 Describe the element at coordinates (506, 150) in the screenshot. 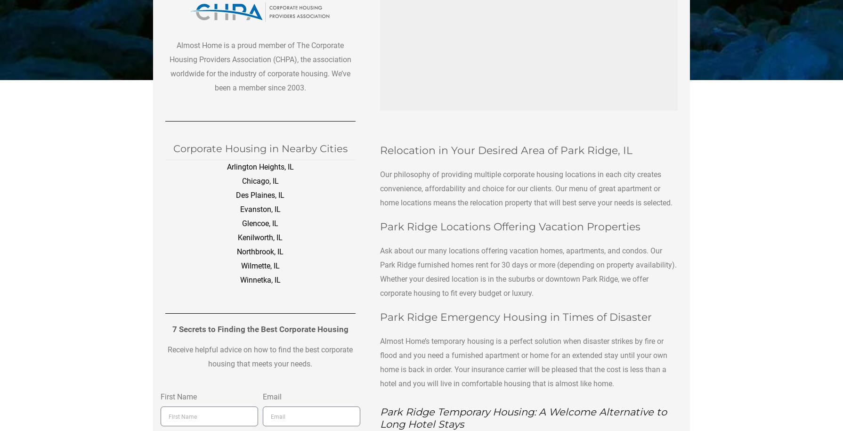

I see `'Relocation in Your Desired Area of Park Ridge, IL'` at that location.